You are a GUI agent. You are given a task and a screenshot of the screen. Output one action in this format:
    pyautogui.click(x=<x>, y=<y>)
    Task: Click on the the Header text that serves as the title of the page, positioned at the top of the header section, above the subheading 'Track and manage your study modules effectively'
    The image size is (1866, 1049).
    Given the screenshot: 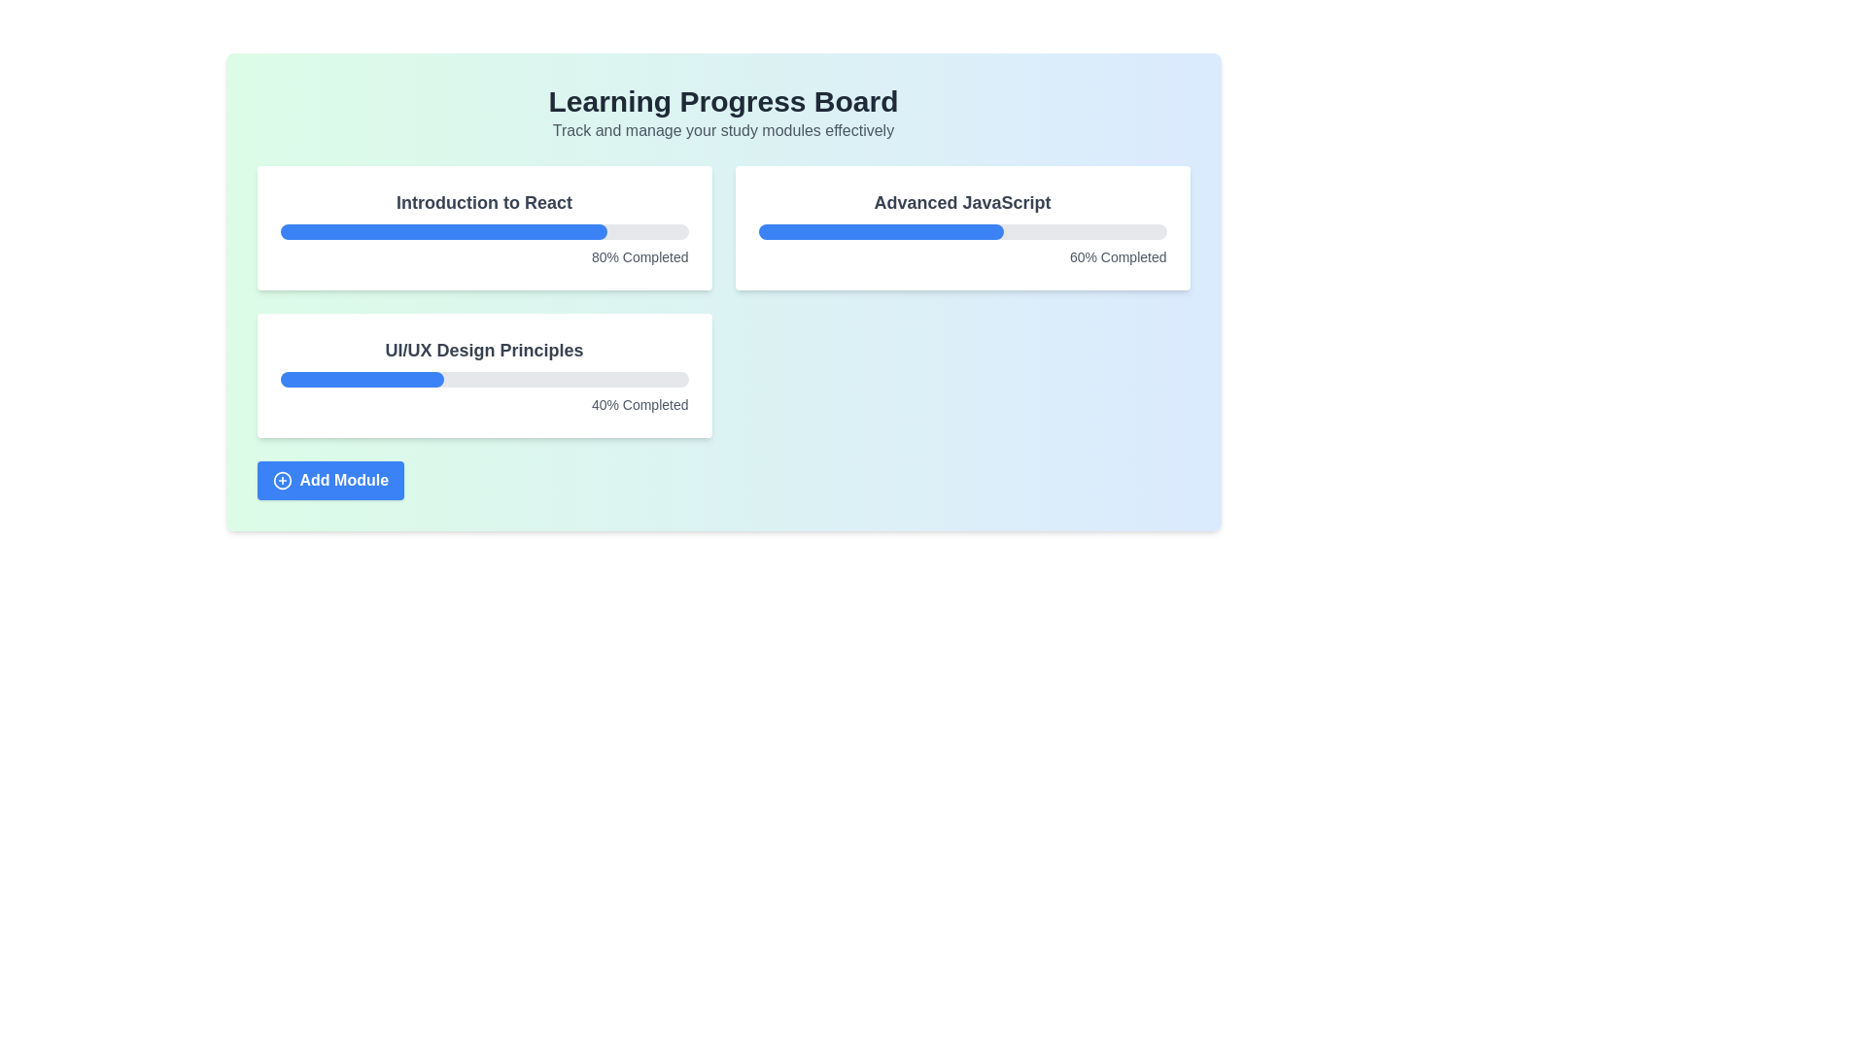 What is the action you would take?
    pyautogui.click(x=722, y=101)
    